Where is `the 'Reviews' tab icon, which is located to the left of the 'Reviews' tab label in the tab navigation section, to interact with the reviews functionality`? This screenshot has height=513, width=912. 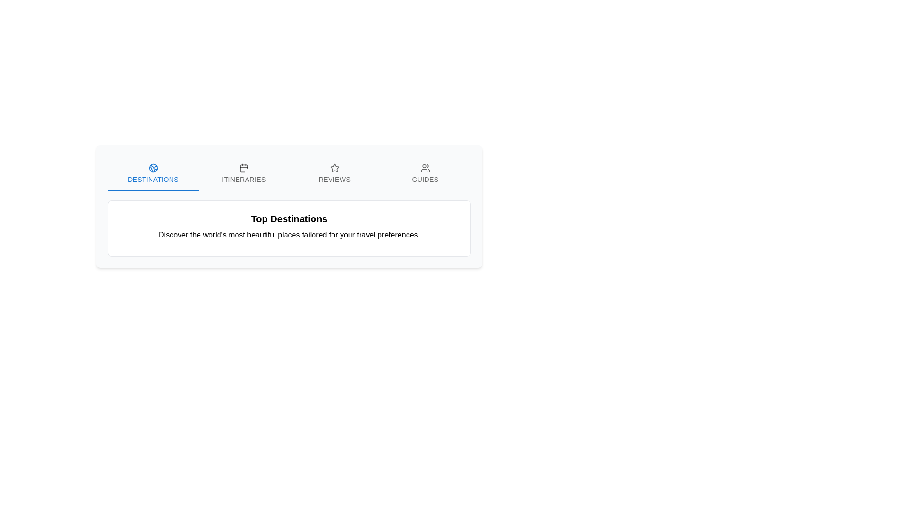
the 'Reviews' tab icon, which is located to the left of the 'Reviews' tab label in the tab navigation section, to interact with the reviews functionality is located at coordinates (334, 168).